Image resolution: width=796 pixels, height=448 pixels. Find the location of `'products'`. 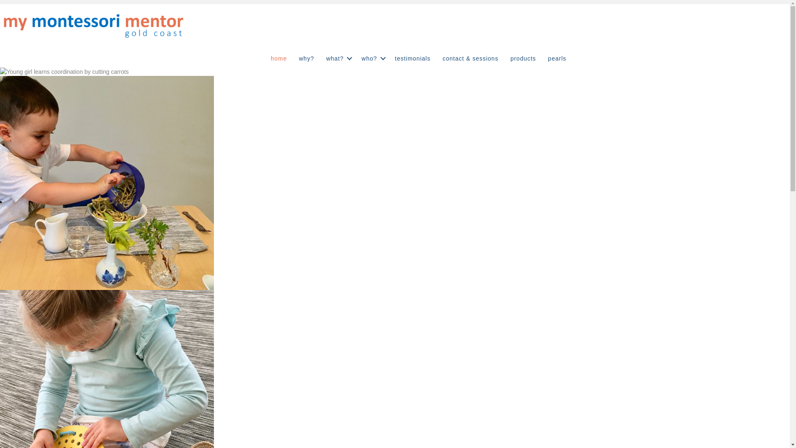

'products' is located at coordinates (504, 58).